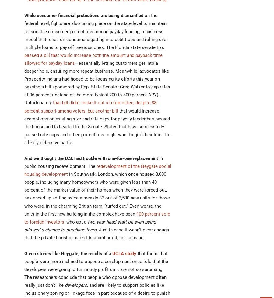 Image resolution: width=274 pixels, height=298 pixels. Describe the element at coordinates (97, 194) in the screenshot. I see `'in Southwark, London, which once housed 3,000 people, including many homeowners who were given less than 40 percent of the market value of their homes when they were forced out, has ended up setting aside a measly 82 out of 2,530 new units for those who were, in the charming British term, “turfed out.” Even worse, the units in the first new building in the complex have been'` at that location.